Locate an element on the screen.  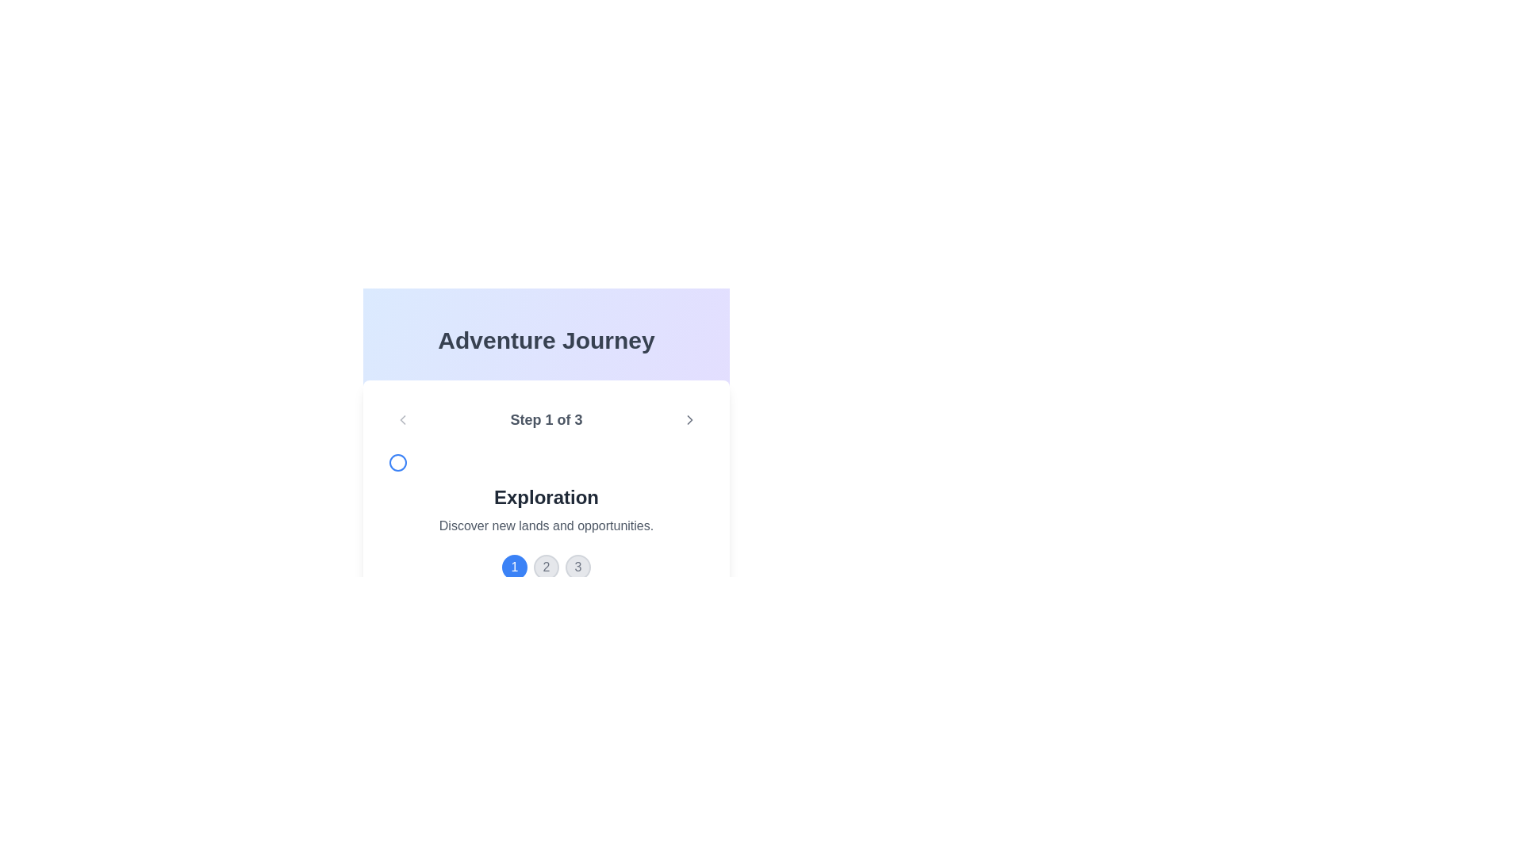
the circular visual icon with a thin blue outline is located at coordinates (398, 462).